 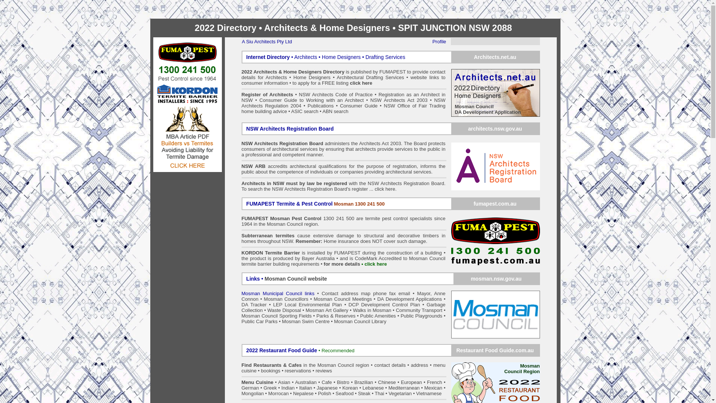 What do you see at coordinates (276, 316) in the screenshot?
I see `'Mosman Council Sporting Fields'` at bounding box center [276, 316].